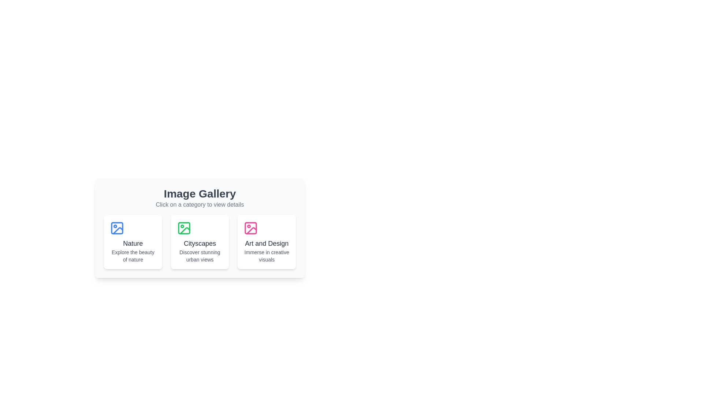 This screenshot has width=703, height=395. What do you see at coordinates (117, 228) in the screenshot?
I see `the 'Nature' icon located in the leftmost card under the header 'Image Gallery', which represents the concept of 'Nature'` at bounding box center [117, 228].